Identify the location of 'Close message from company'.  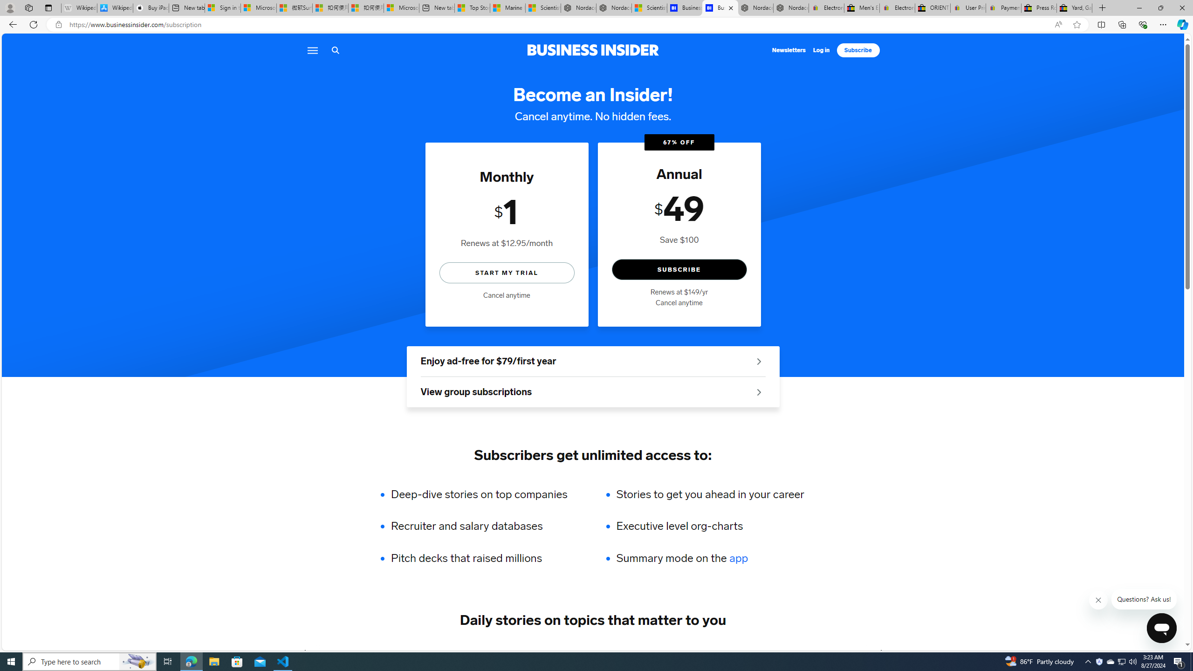
(1098, 600).